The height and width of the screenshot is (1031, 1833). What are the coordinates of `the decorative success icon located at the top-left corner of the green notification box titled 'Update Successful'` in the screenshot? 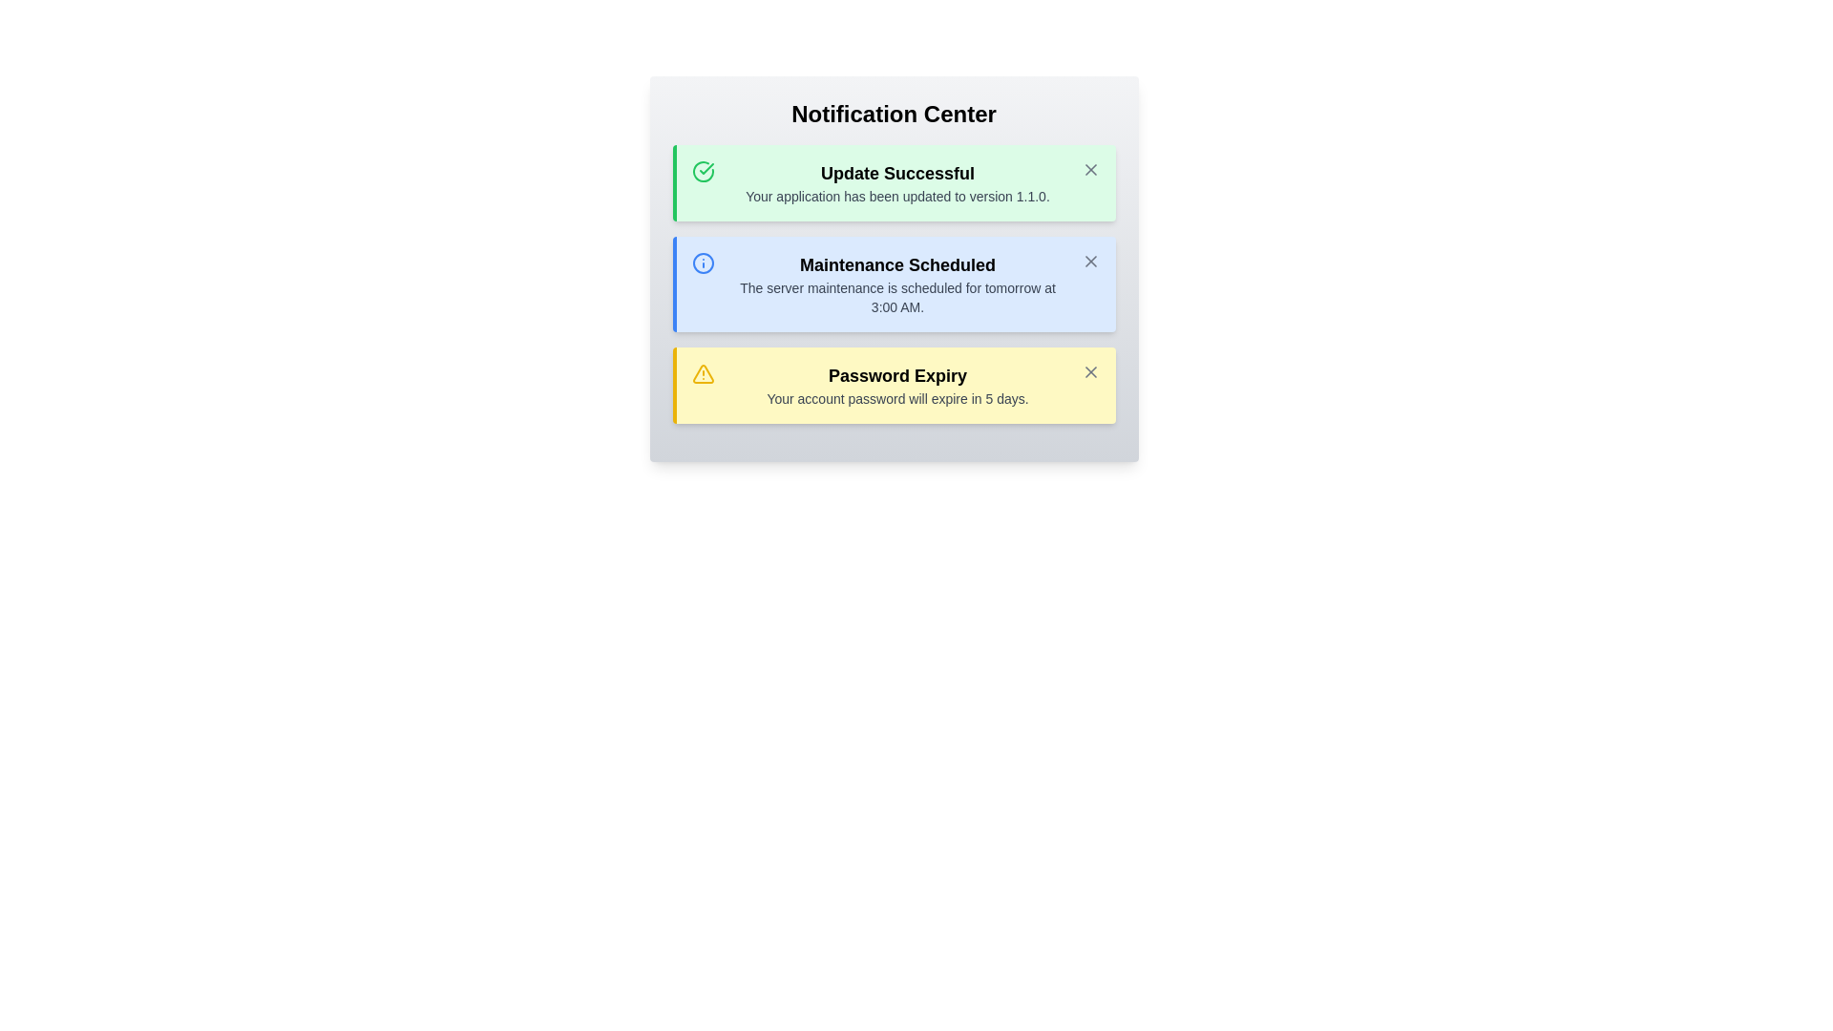 It's located at (702, 172).